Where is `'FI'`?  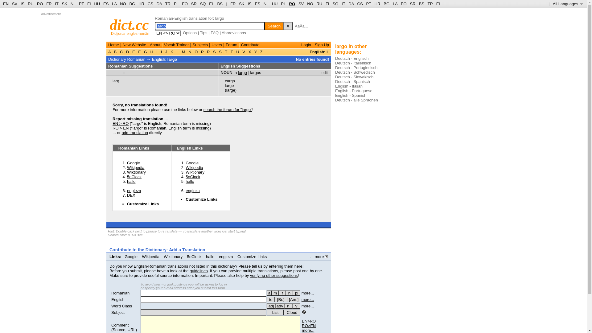
'FI' is located at coordinates (325, 4).